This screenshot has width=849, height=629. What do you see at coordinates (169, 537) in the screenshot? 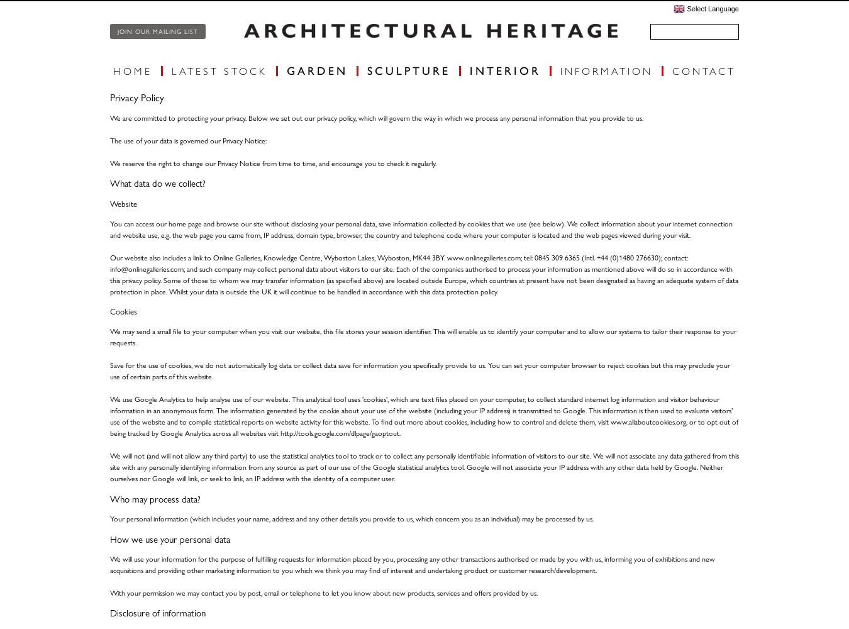
I see `'How we use your personal data'` at bounding box center [169, 537].